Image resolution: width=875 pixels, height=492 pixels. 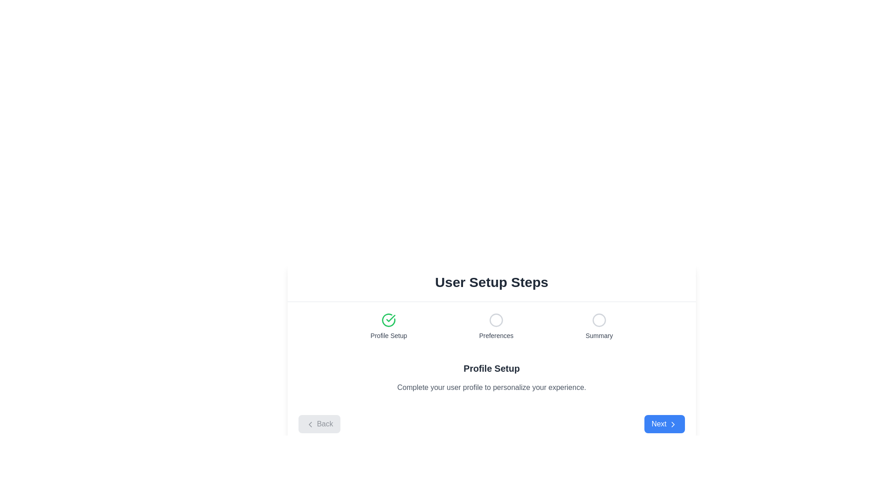 I want to click on the 'Profile Setup' informational display block, which features a bold title and a descriptive sentence, located below the user setup progress indicators, so click(x=491, y=378).